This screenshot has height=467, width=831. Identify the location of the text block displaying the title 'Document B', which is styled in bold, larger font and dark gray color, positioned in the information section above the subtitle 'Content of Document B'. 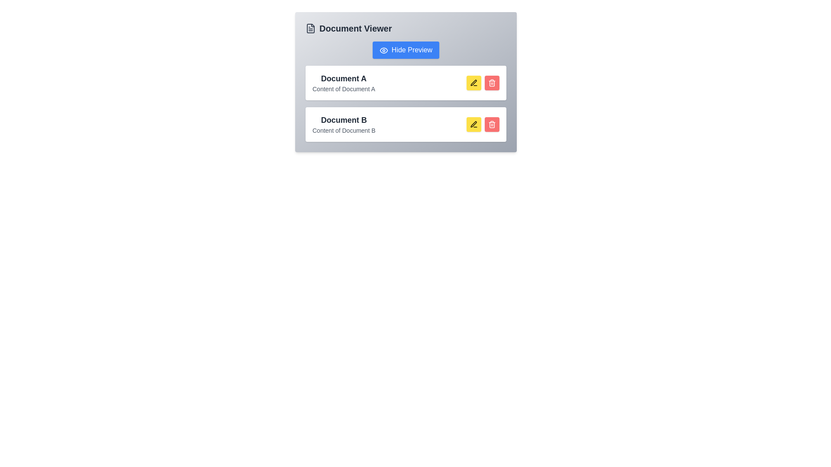
(343, 120).